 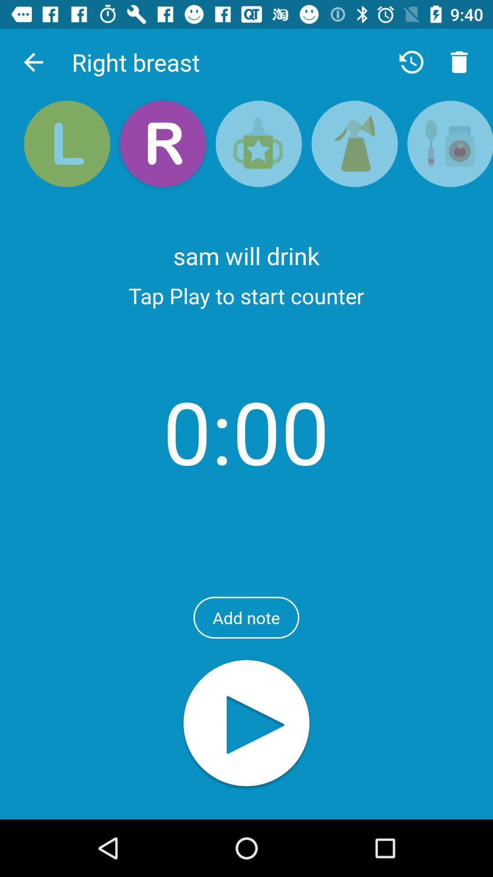 What do you see at coordinates (246, 431) in the screenshot?
I see `the item below the tap play to` at bounding box center [246, 431].